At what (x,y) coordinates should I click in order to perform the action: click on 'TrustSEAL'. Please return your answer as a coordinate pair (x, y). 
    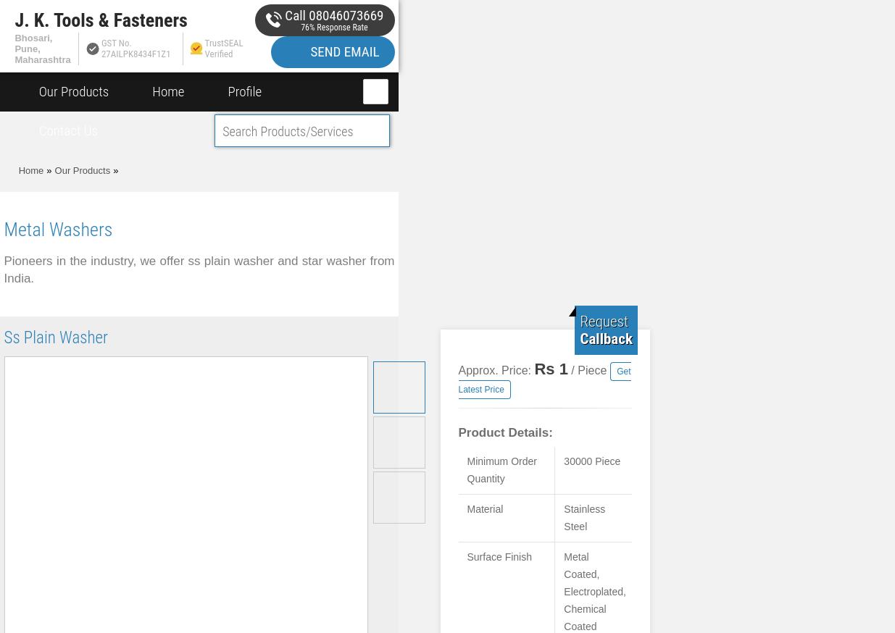
    Looking at the image, I should click on (223, 42).